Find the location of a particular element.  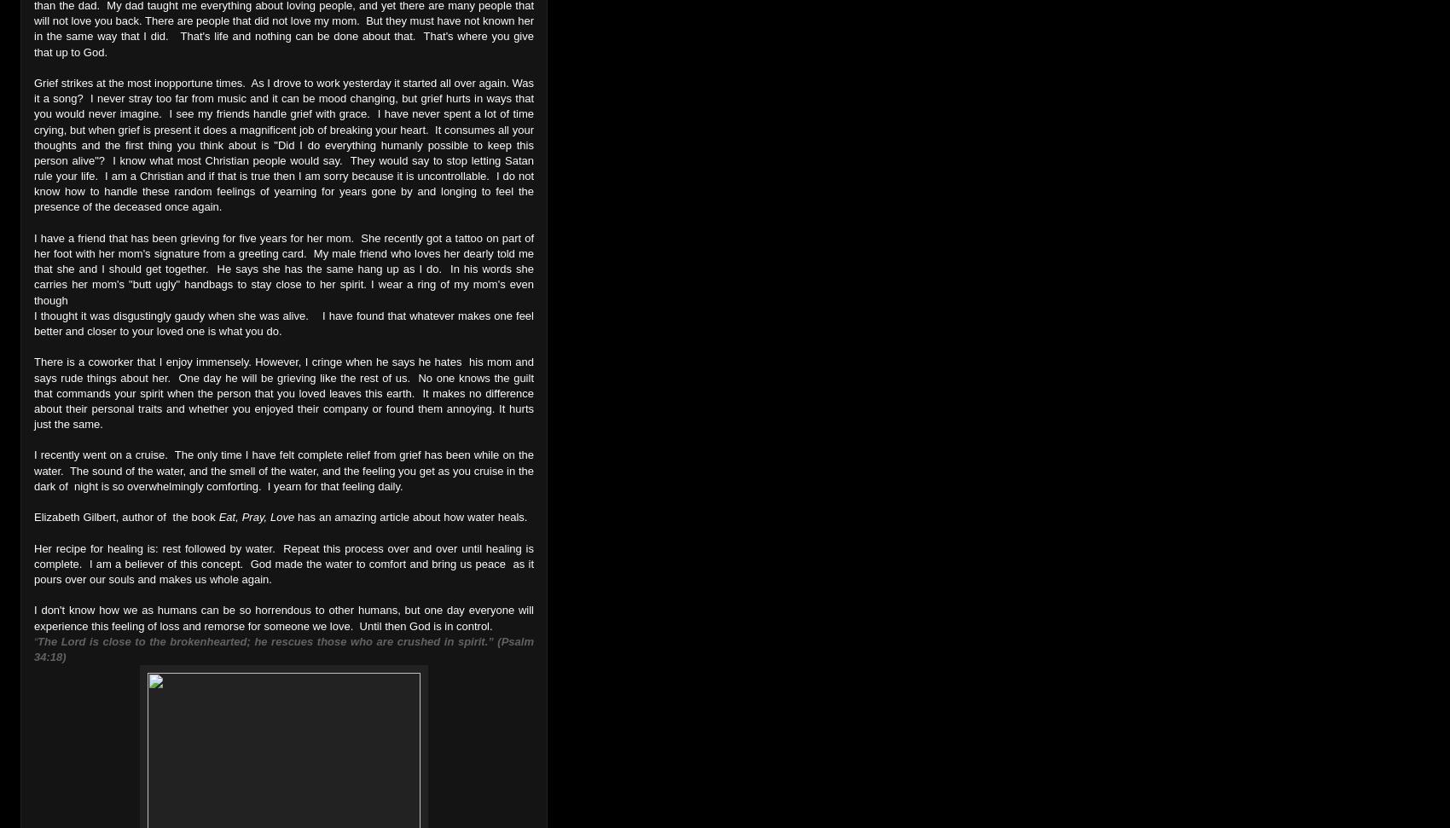

'Her recipe for healing is: rest followed by water.  Repeat this process over and over until healing is complete.  I am a believer of this concept.  God made the water to comfort and bring us peace  as it pours over our souls and makes us whole again.' is located at coordinates (283, 563).